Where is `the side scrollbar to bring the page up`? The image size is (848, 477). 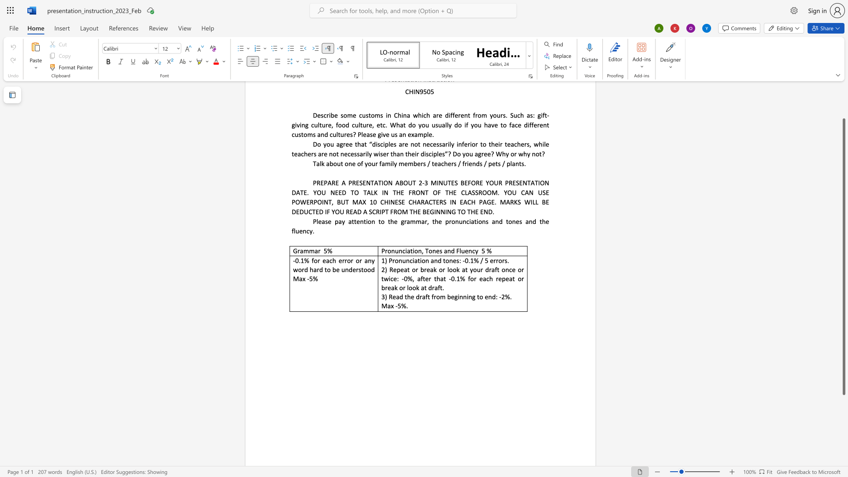
the side scrollbar to bring the page up is located at coordinates (843, 101).